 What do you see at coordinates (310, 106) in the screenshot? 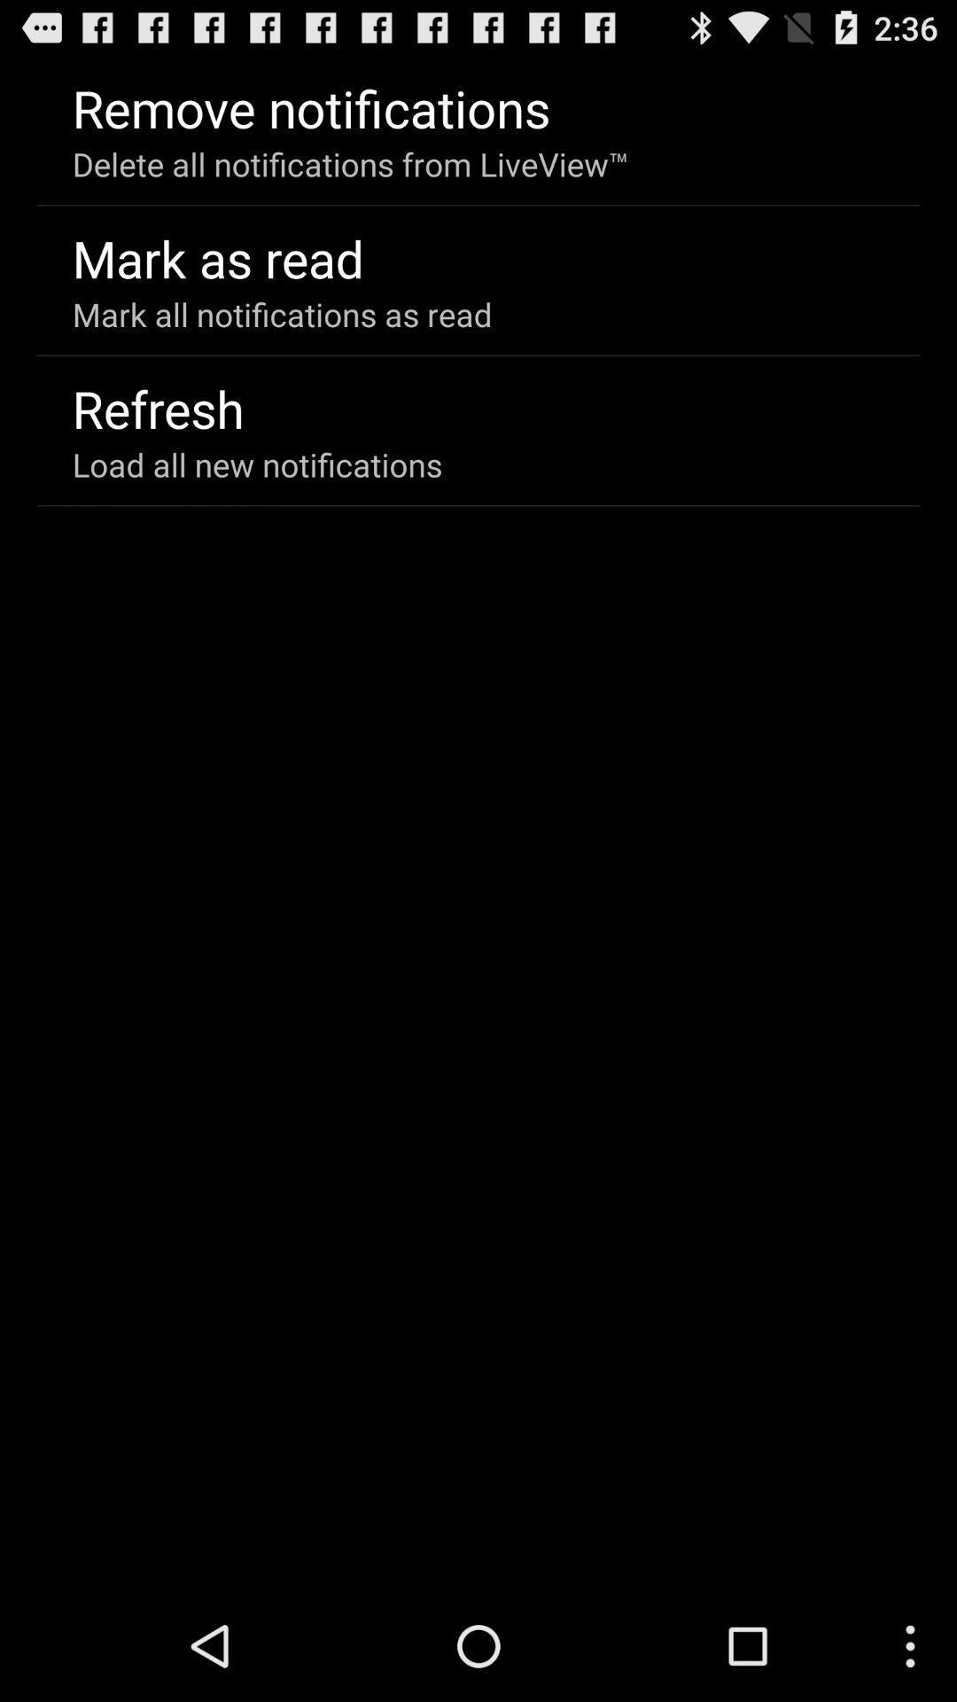
I see `the remove notifications item` at bounding box center [310, 106].